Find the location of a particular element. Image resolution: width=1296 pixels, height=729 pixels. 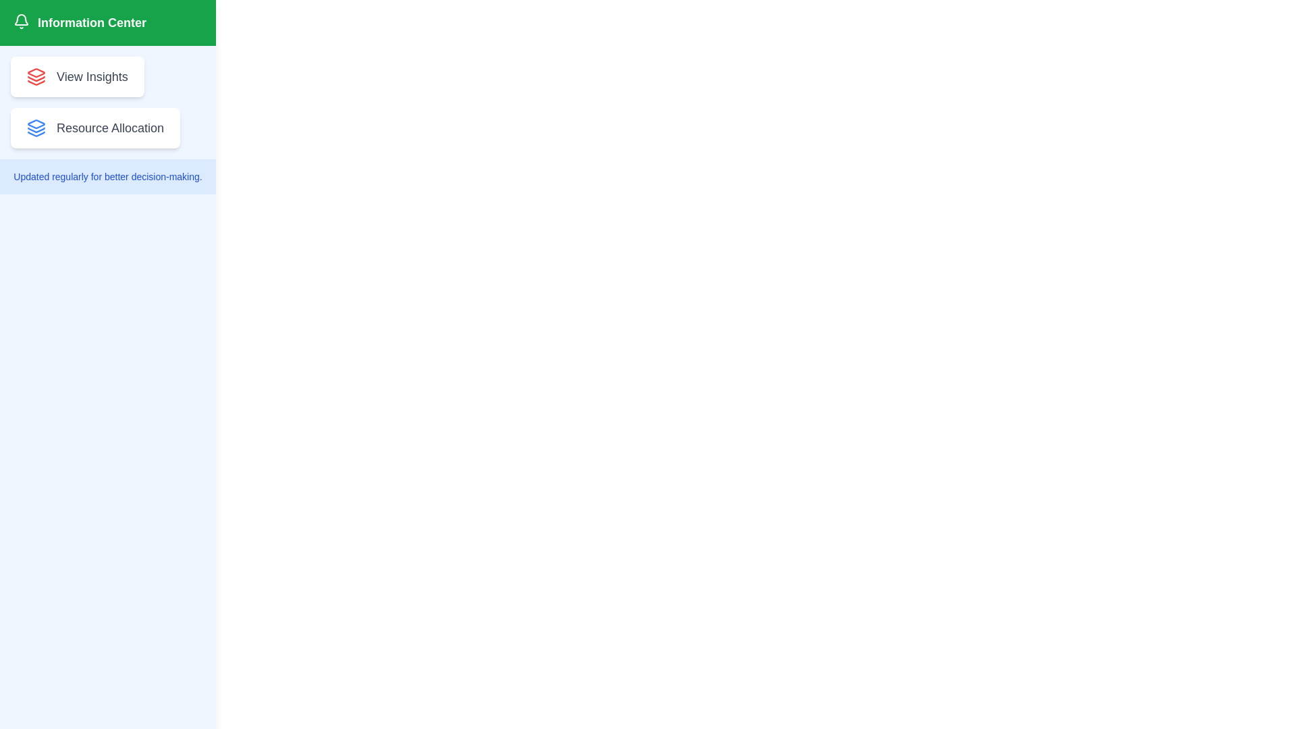

the 'Resource Allocation' button is located at coordinates (94, 128).